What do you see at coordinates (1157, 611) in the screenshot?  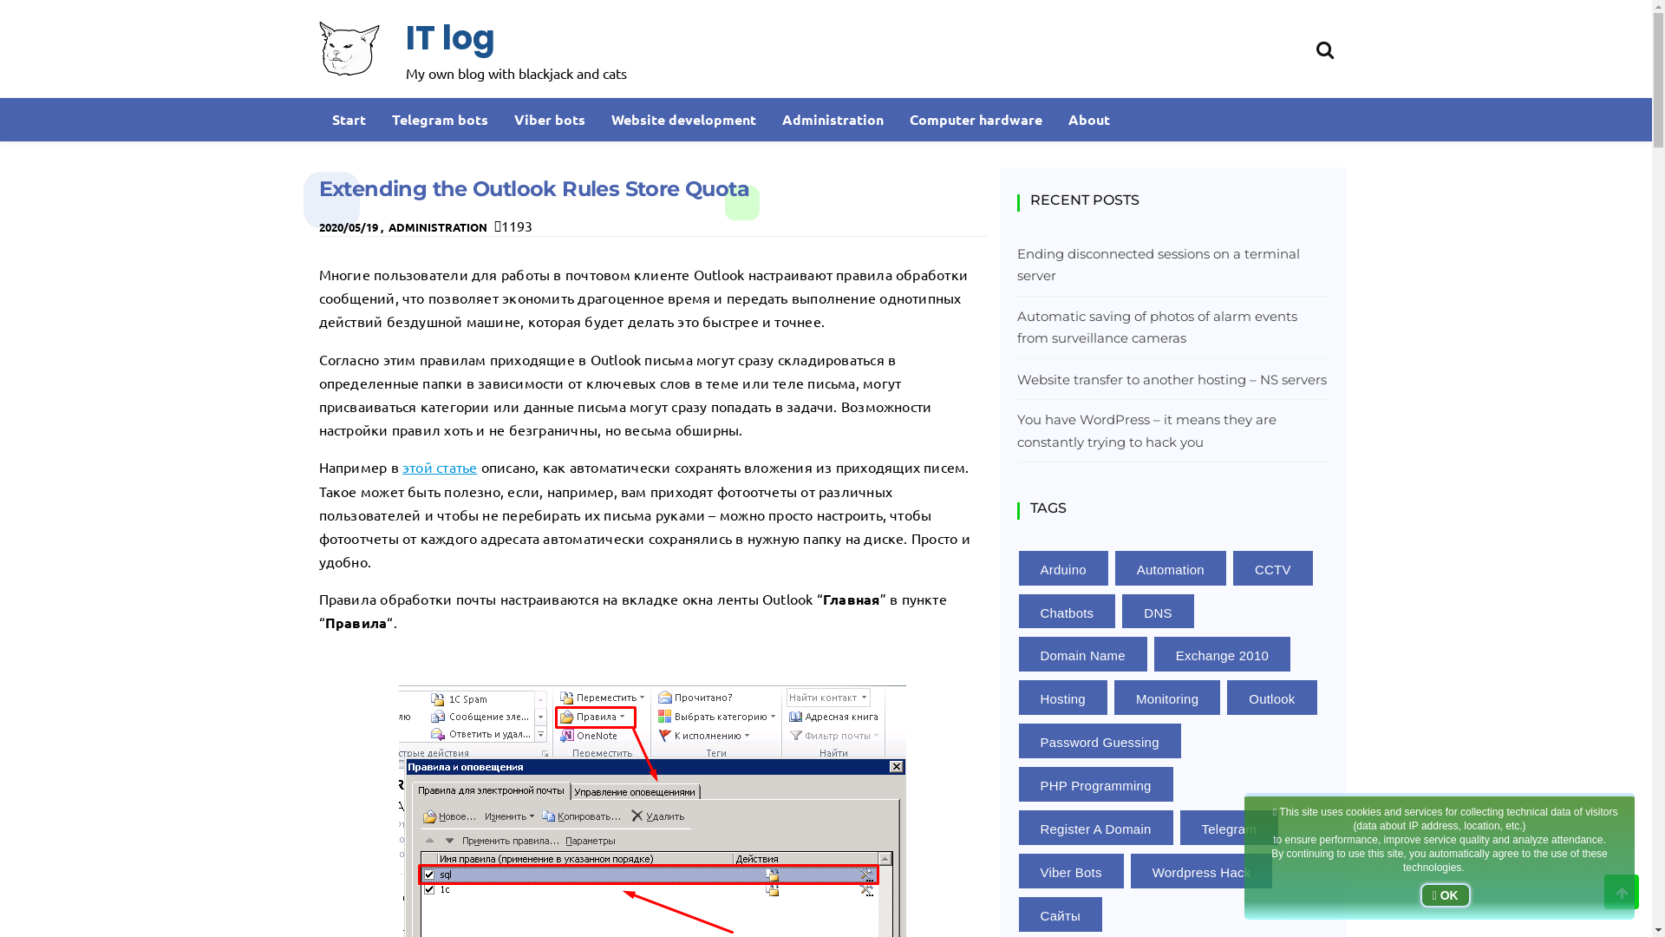 I see `'DNS'` at bounding box center [1157, 611].